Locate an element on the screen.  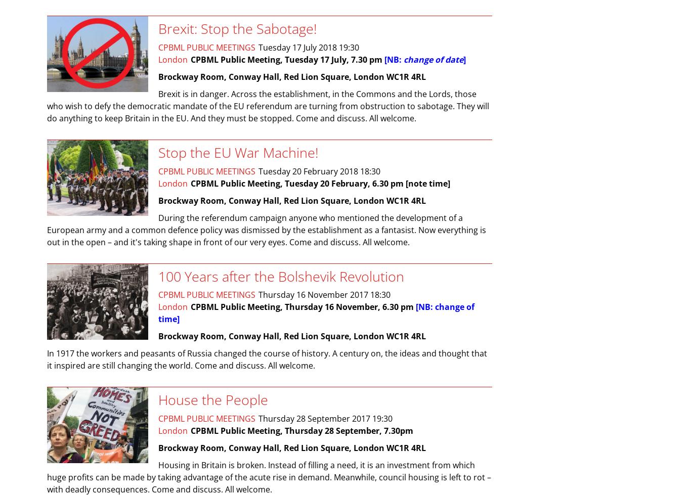
'CPBML Public Meeting, Tuesday 17 July, 7.30 pm' is located at coordinates (190, 59).